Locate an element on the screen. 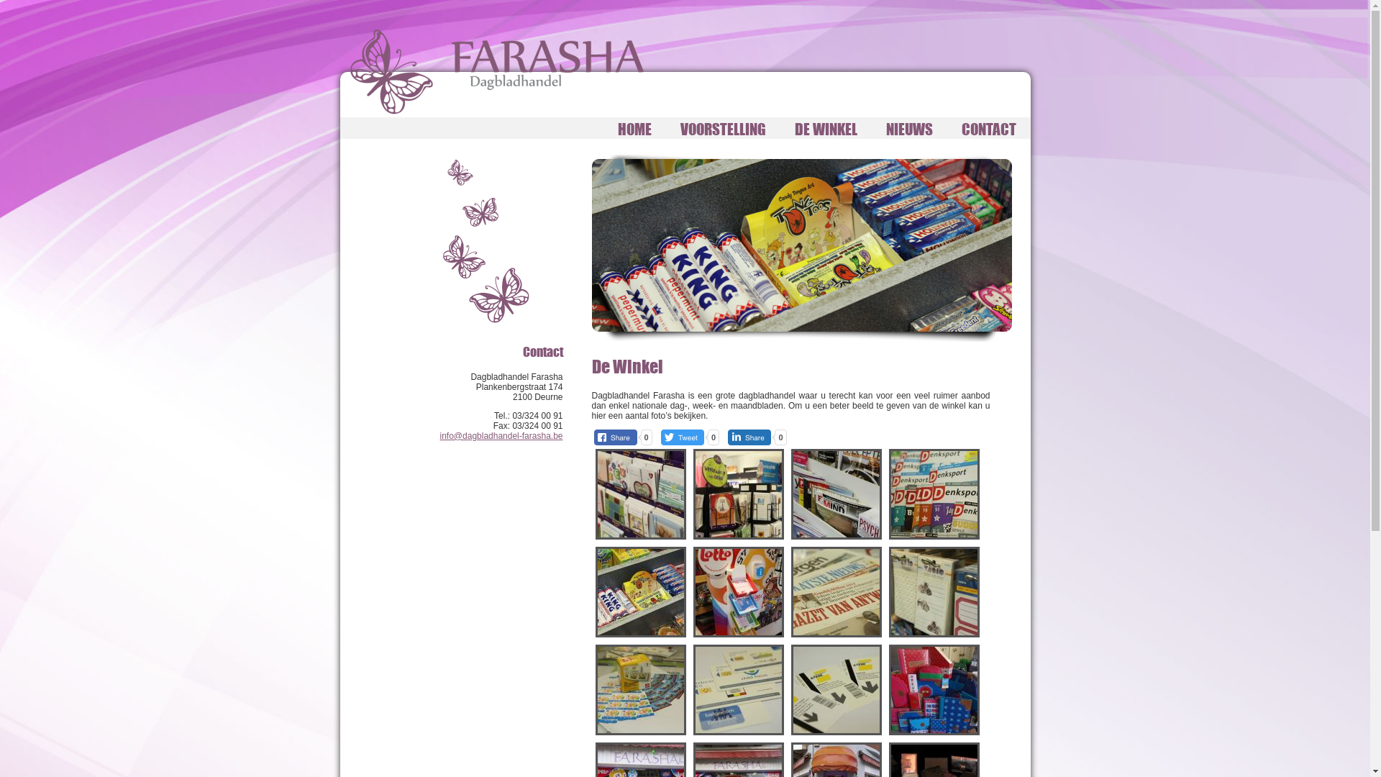  'NIEUWS' is located at coordinates (908, 127).